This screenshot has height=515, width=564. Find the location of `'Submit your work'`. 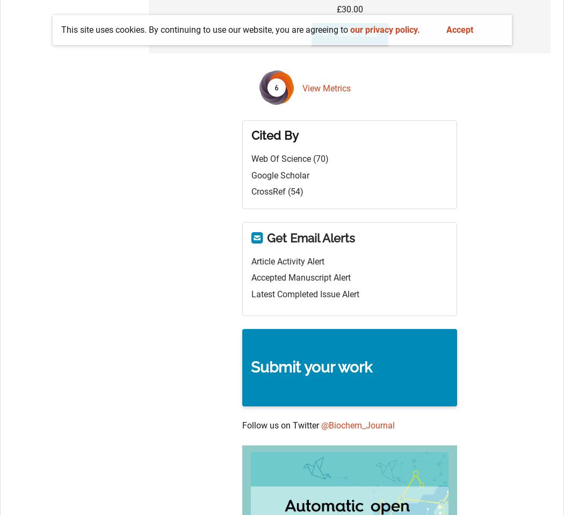

'Submit your work' is located at coordinates (311, 367).